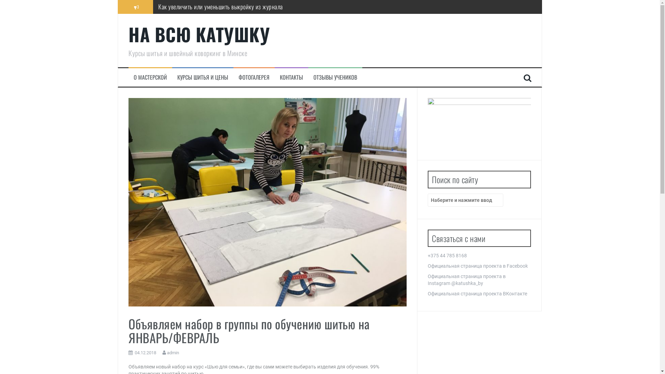  What do you see at coordinates (134, 353) in the screenshot?
I see `'04.12.2018'` at bounding box center [134, 353].